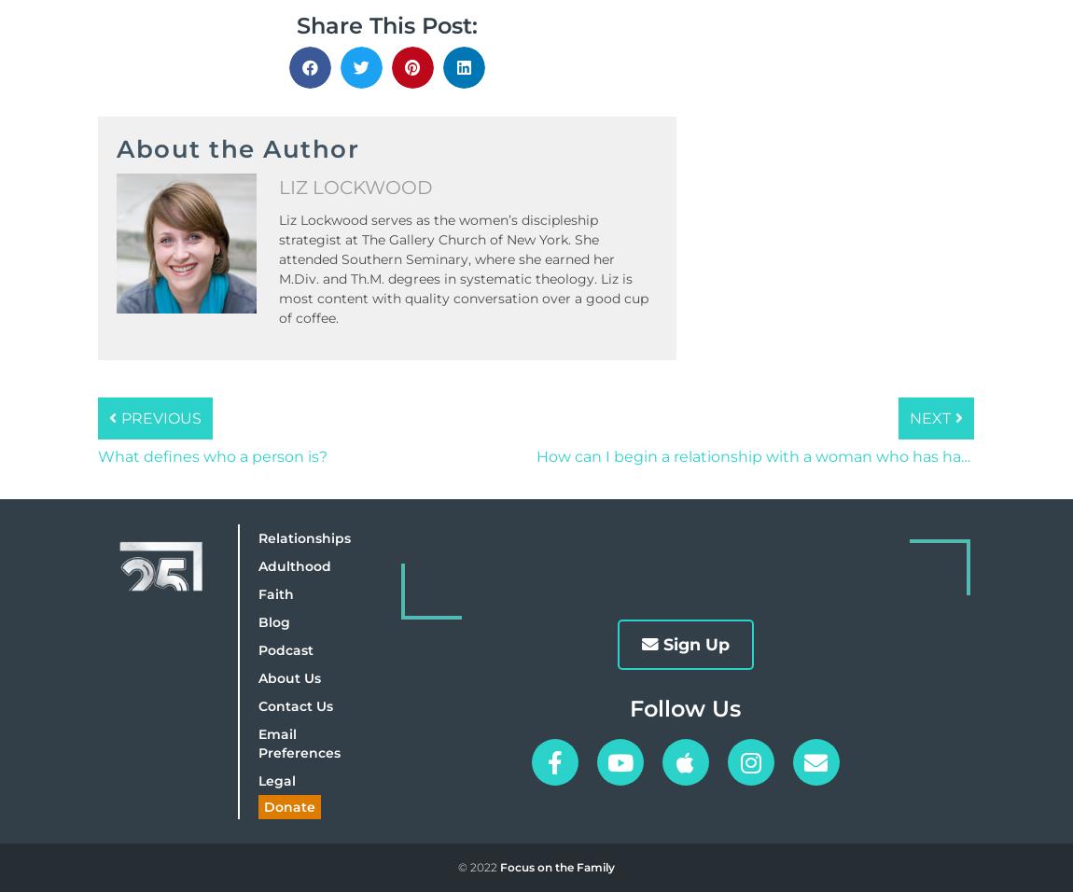 This screenshot has width=1073, height=892. Describe the element at coordinates (160, 418) in the screenshot. I see `'Previous'` at that location.